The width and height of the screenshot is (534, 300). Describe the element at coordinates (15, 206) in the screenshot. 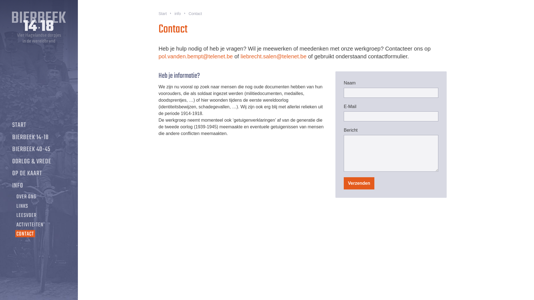

I see `'LINKS'` at that location.